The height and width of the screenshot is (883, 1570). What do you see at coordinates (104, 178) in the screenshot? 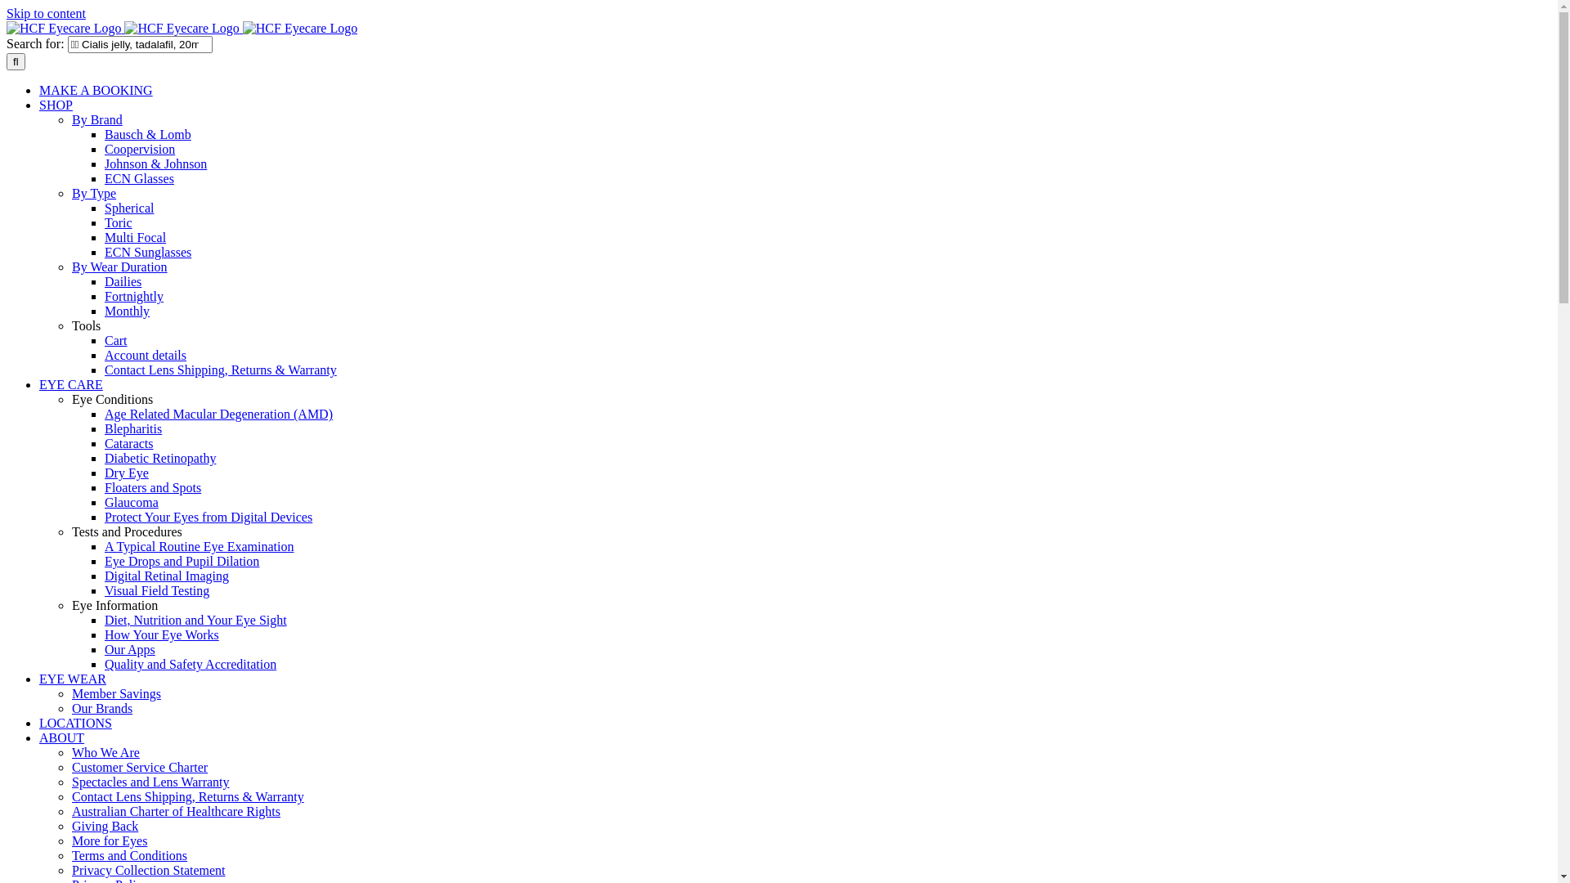
I see `'ECN Glasses'` at bounding box center [104, 178].